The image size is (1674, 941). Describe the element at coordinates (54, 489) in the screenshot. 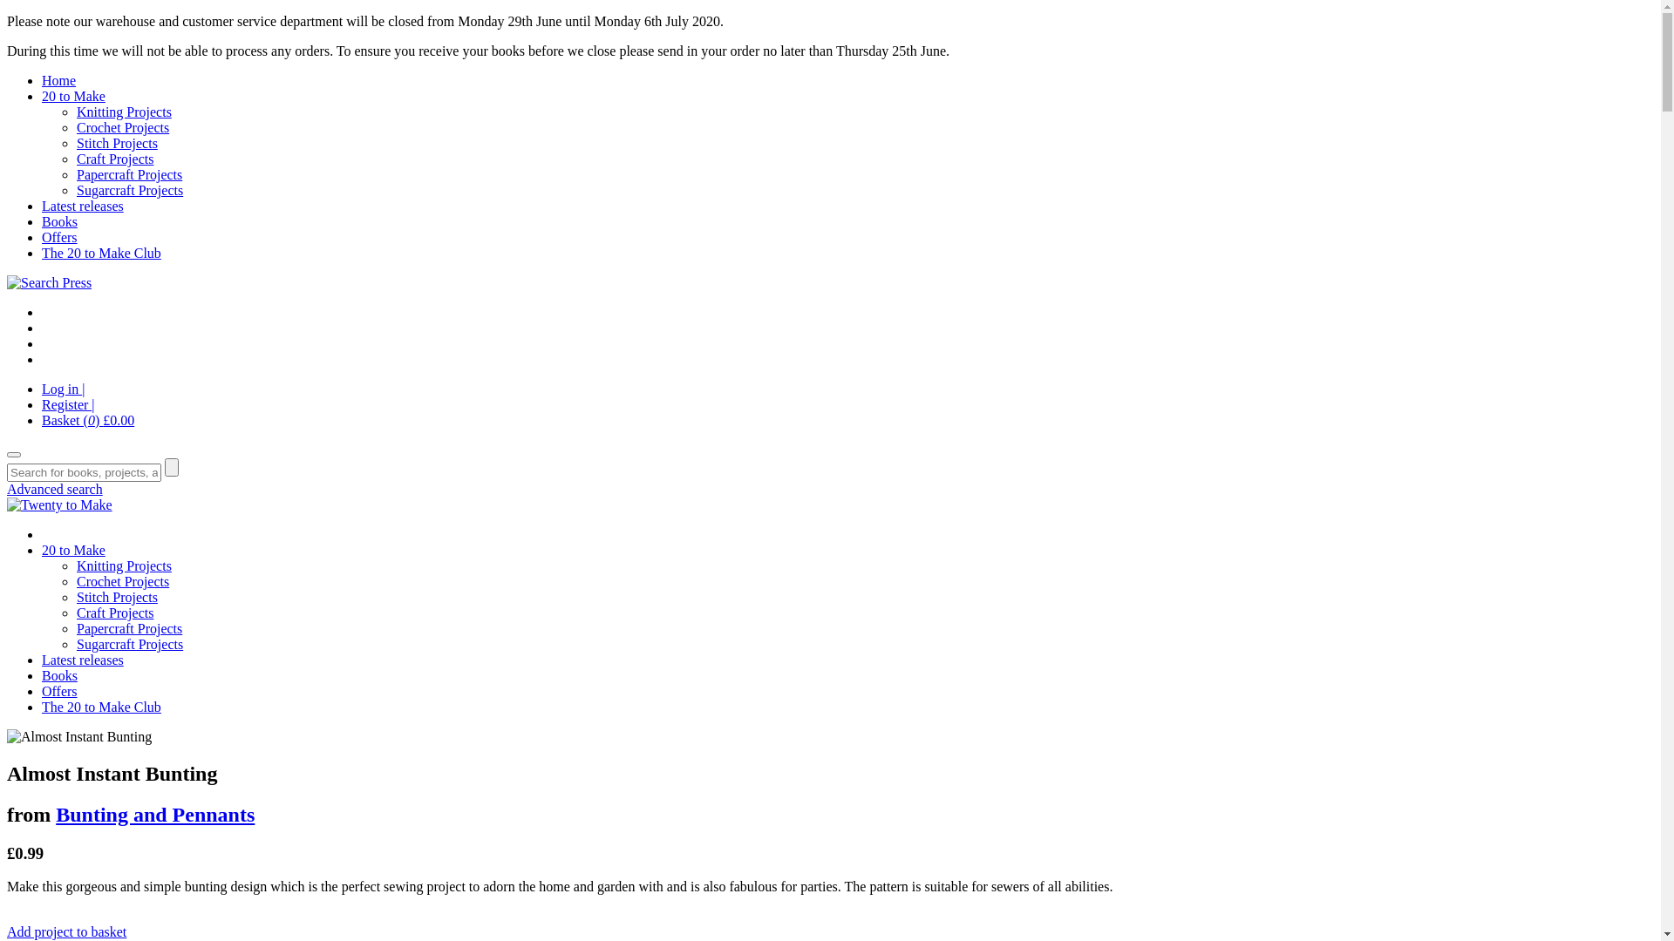

I see `'Advanced search'` at that location.